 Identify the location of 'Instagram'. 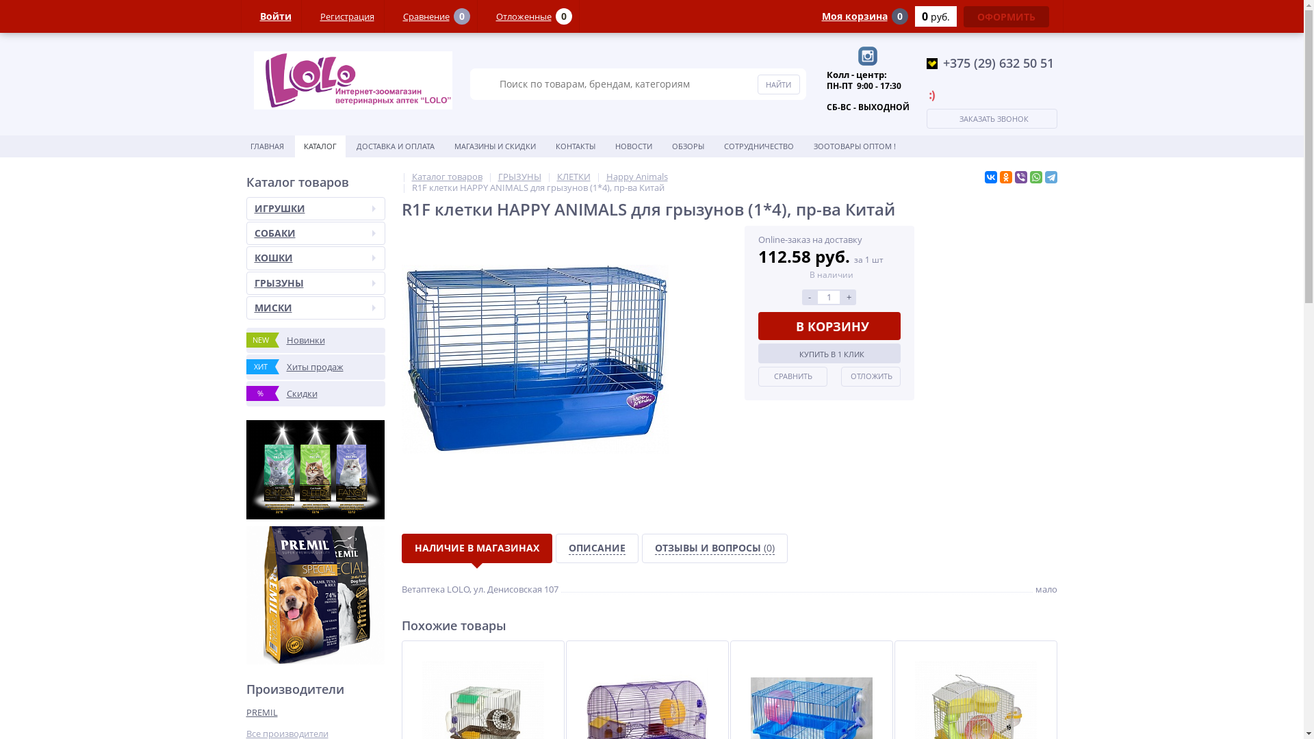
(866, 55).